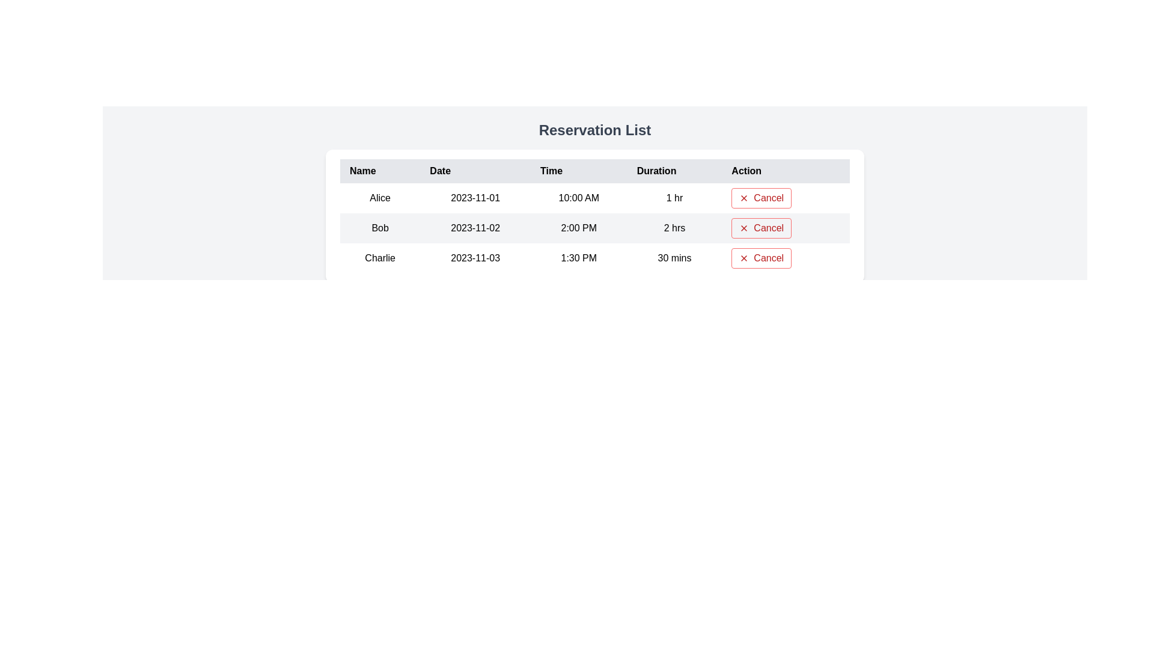 The height and width of the screenshot is (649, 1154). Describe the element at coordinates (594, 228) in the screenshot. I see `the second row in the Reservation List table, which contains the name 'Bob'` at that location.